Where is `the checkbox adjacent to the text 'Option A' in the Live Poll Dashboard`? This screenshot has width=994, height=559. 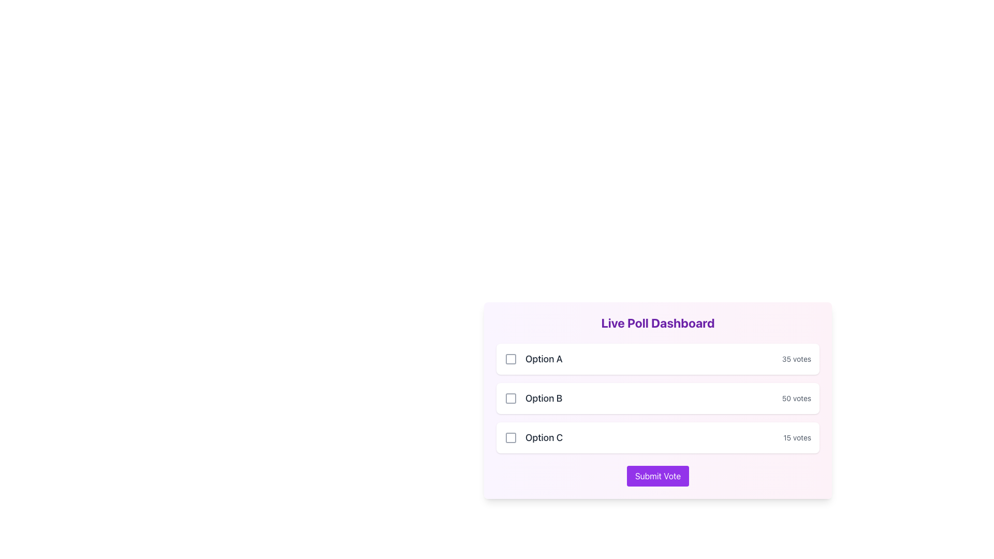 the checkbox adjacent to the text 'Option A' in the Live Poll Dashboard is located at coordinates (511, 359).